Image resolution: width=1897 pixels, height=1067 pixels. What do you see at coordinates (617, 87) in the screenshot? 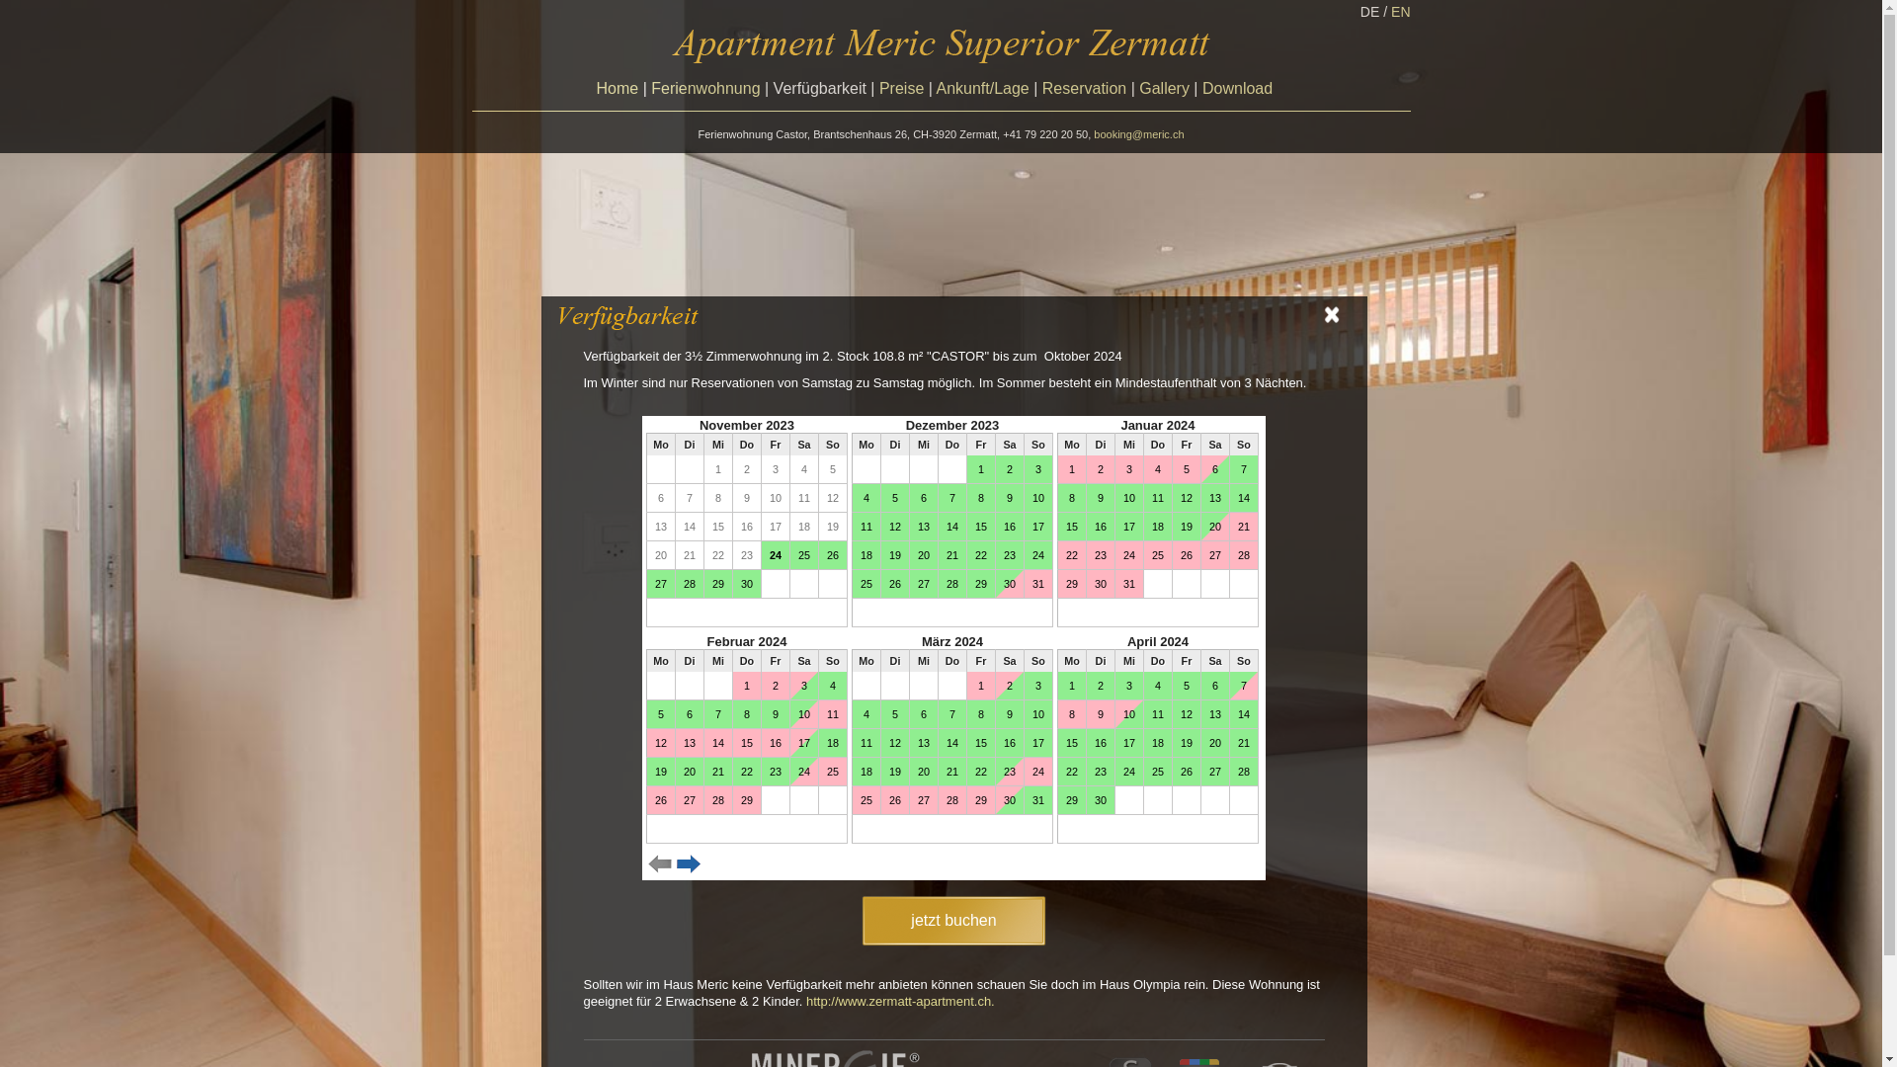
I see `'Home'` at bounding box center [617, 87].